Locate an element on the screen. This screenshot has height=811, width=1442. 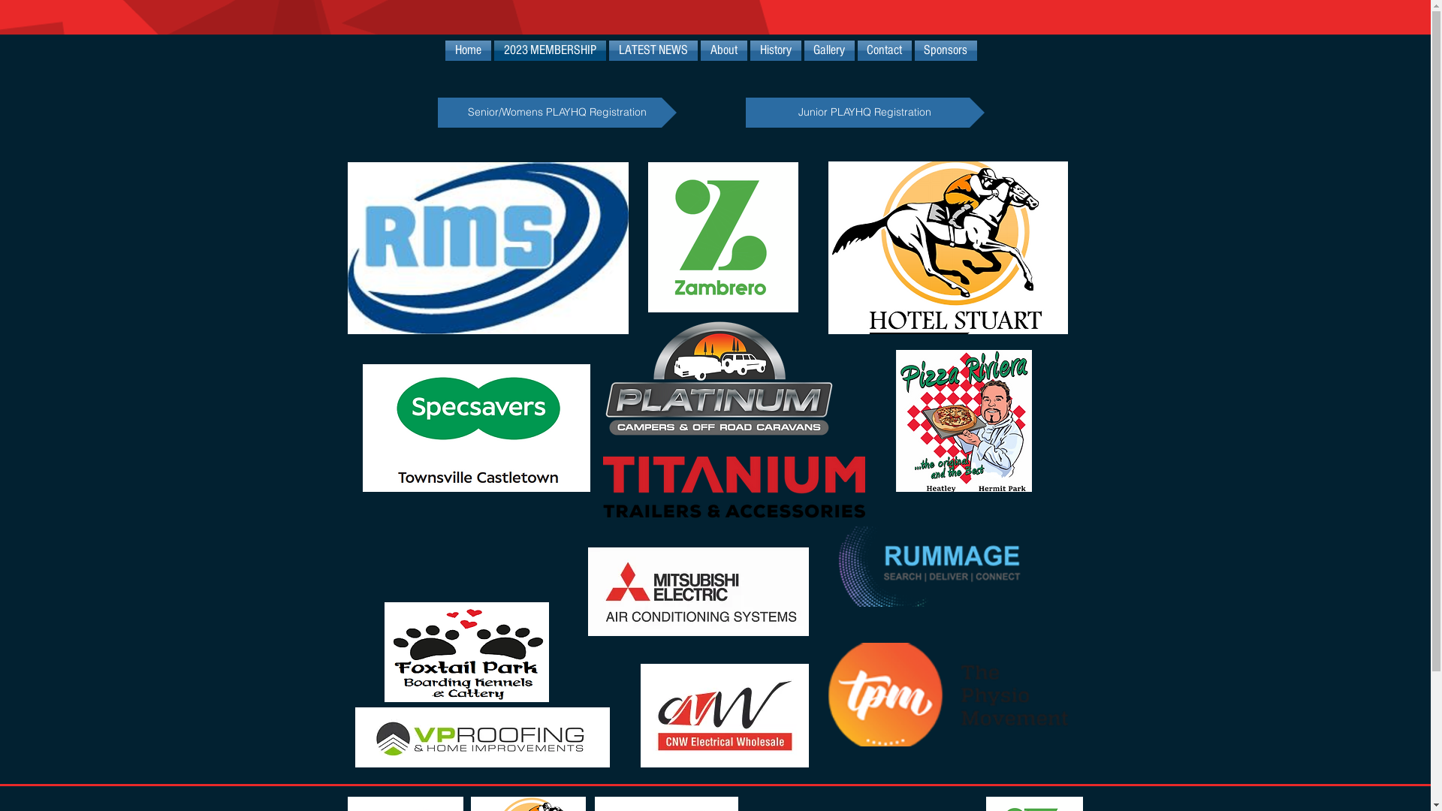
'Gallery' is located at coordinates (828, 50).